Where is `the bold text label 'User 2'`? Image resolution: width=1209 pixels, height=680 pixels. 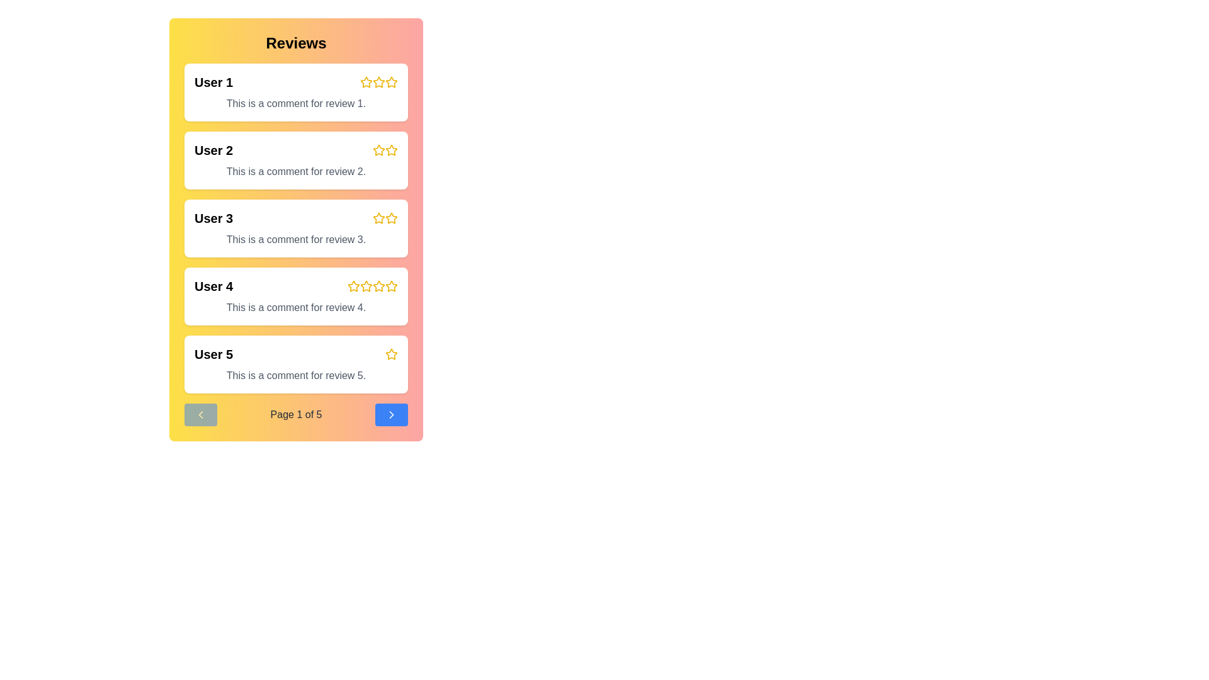
the bold text label 'User 2' is located at coordinates (213, 150).